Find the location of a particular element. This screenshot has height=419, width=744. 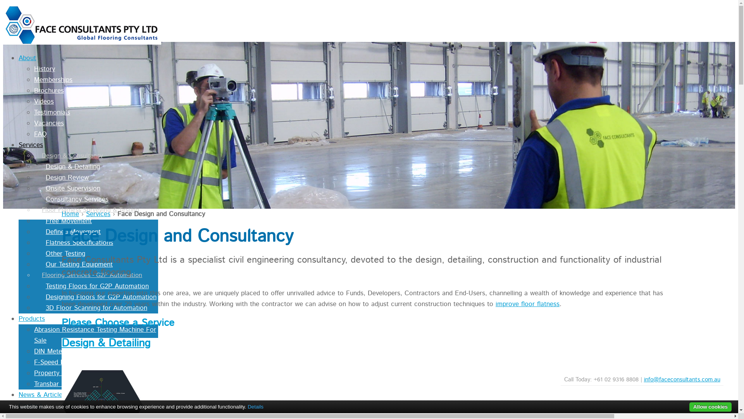

'Consultancy Services' is located at coordinates (33, 199).